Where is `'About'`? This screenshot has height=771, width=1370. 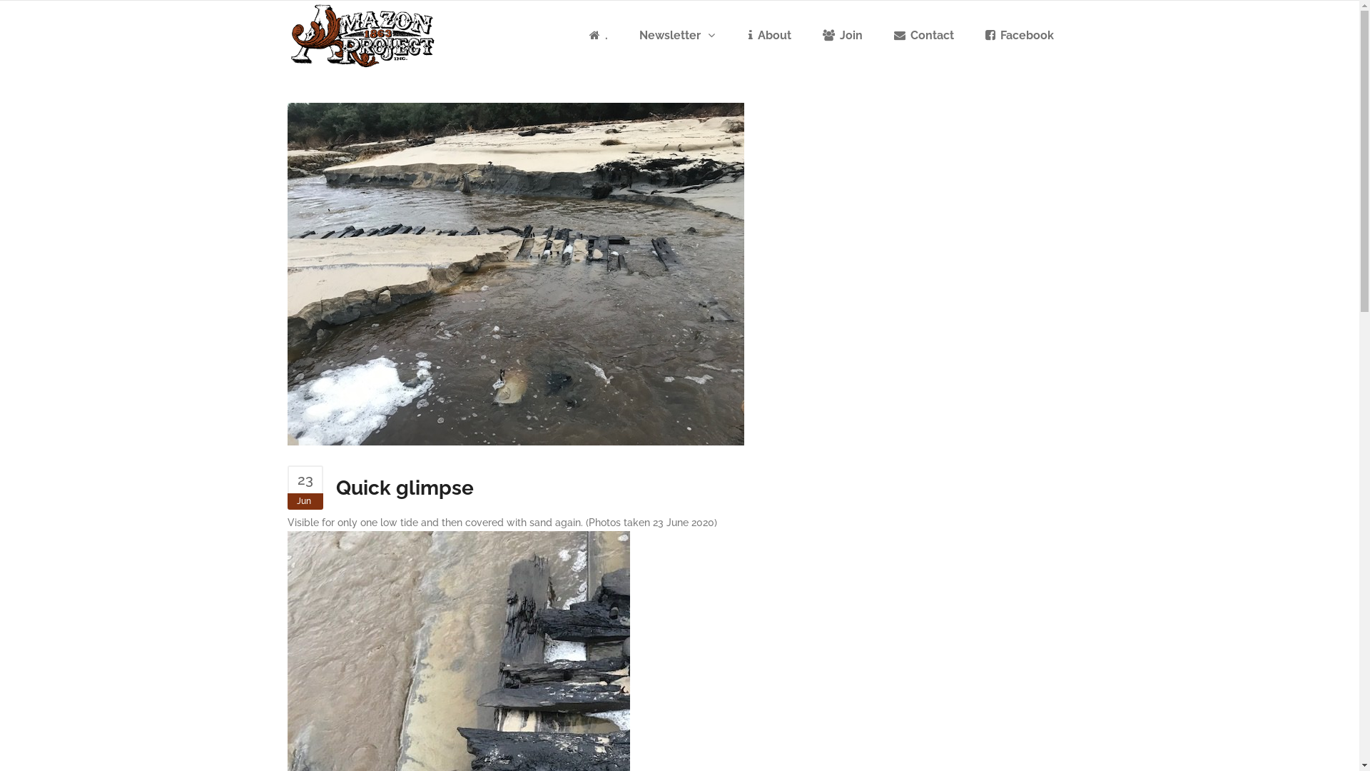
'About' is located at coordinates (768, 35).